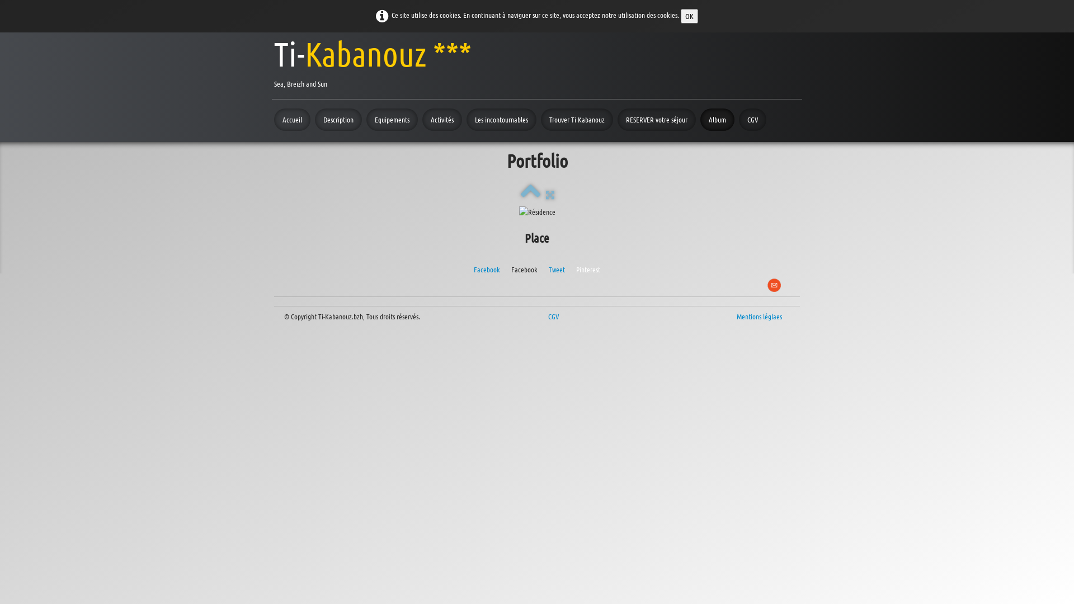  What do you see at coordinates (717, 119) in the screenshot?
I see `'Album'` at bounding box center [717, 119].